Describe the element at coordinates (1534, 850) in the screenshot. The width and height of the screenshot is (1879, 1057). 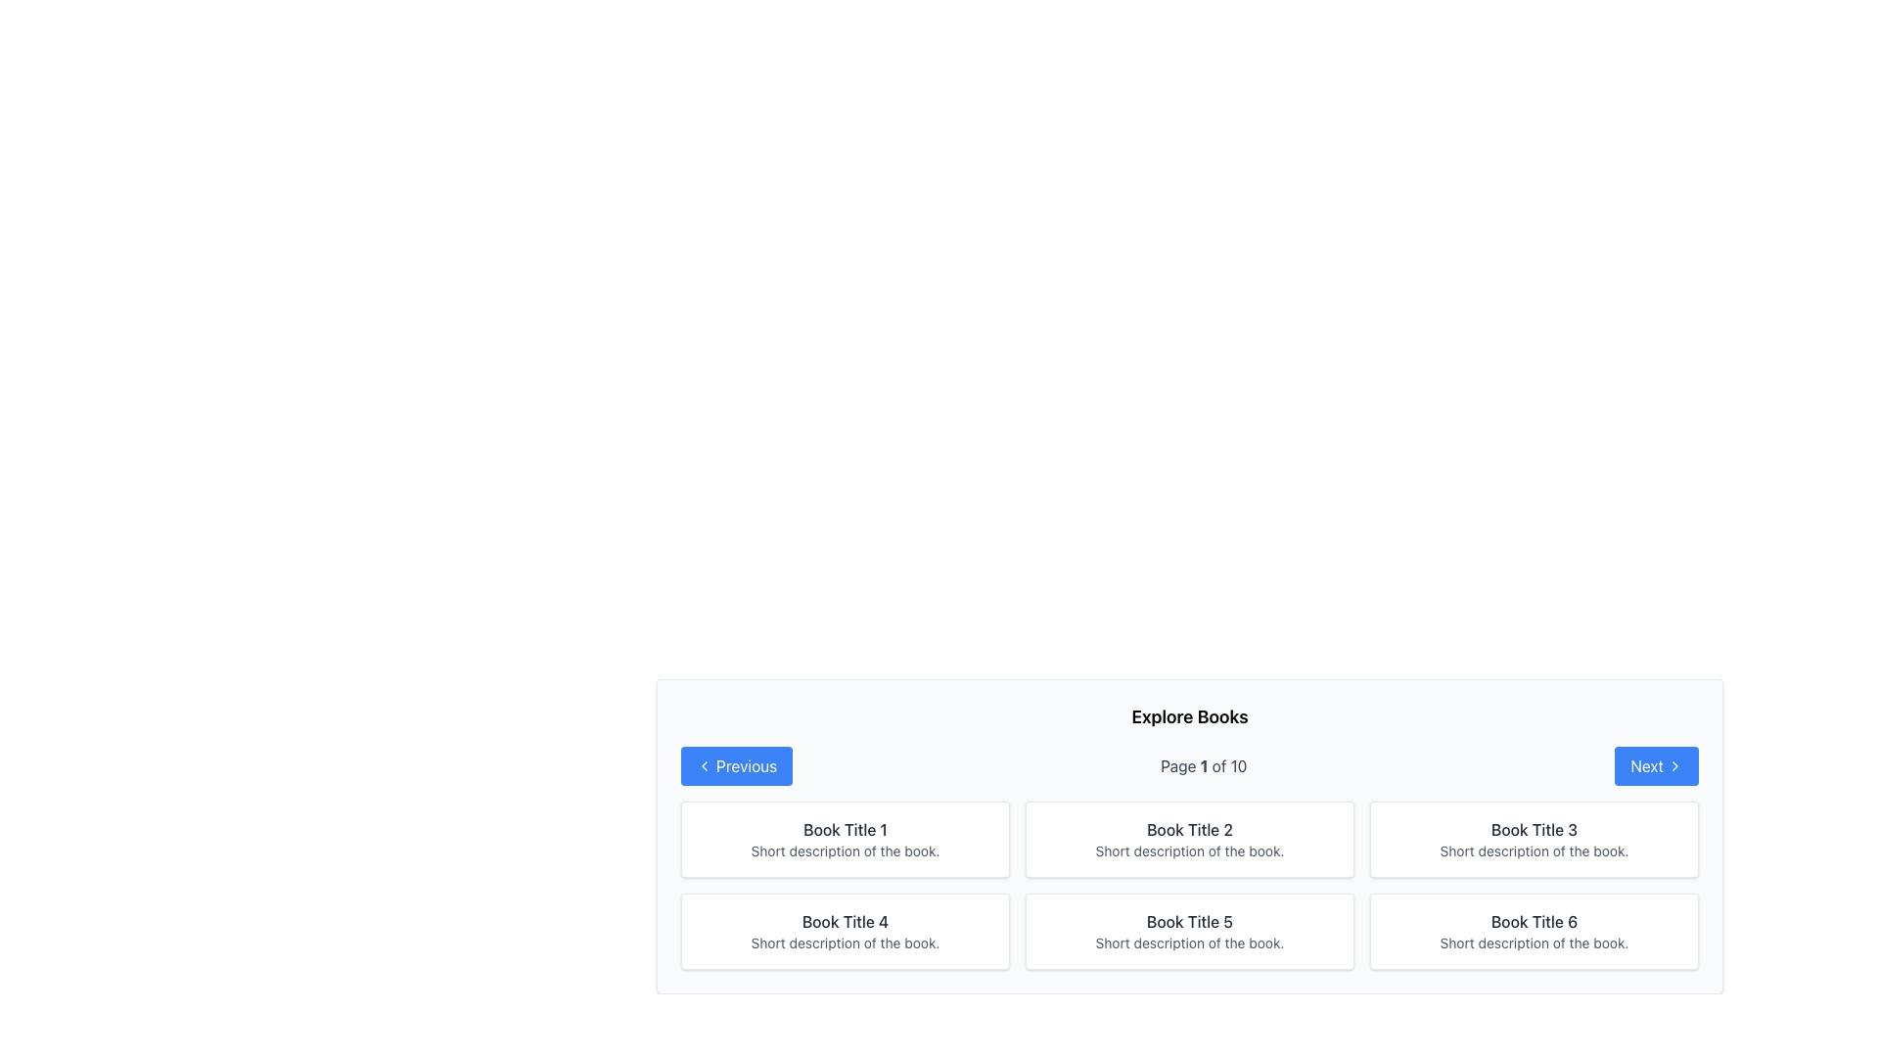
I see `the static text label providing a brief description about the book titled 'Book Title 3', located in the top-right book card of the 'Explore Books' UI section` at that location.